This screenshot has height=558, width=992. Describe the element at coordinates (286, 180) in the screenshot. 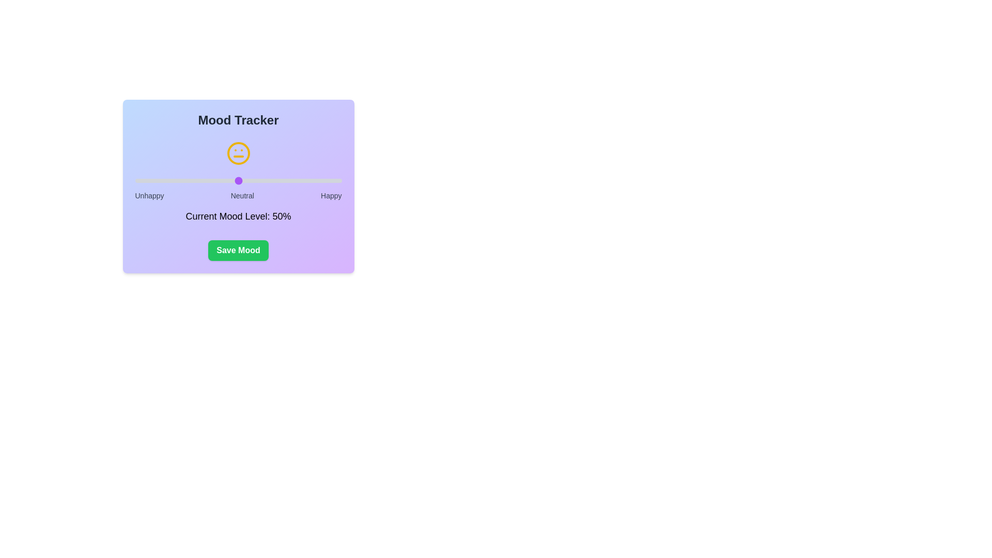

I see `the mood slider to set the mood level to 73%` at that location.